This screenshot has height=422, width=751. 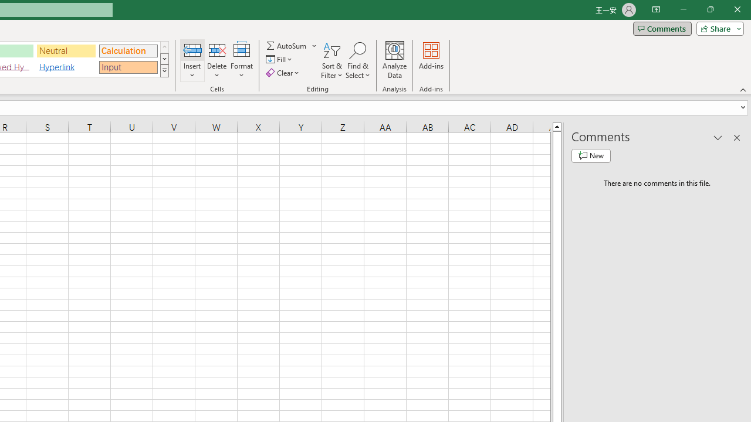 What do you see at coordinates (216, 60) in the screenshot?
I see `'Delete'` at bounding box center [216, 60].